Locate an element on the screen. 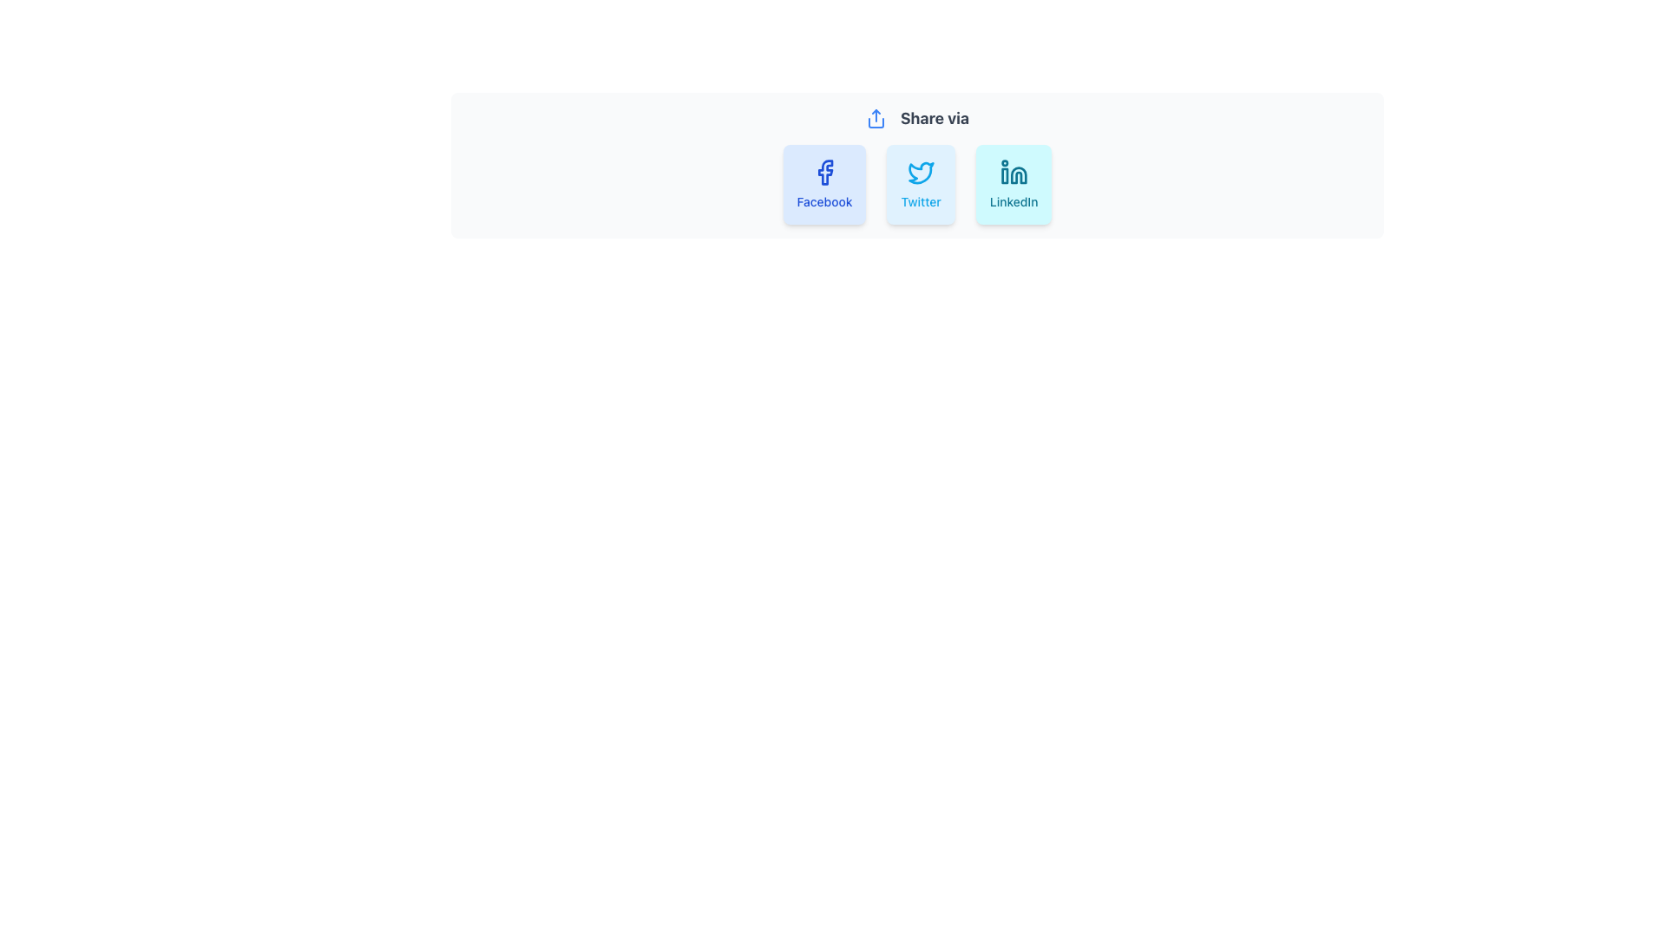 This screenshot has height=937, width=1666. the text label displaying 'LinkedIn' in cyan color, located beneath the LinkedIn icon in the social sharing options is located at coordinates (1013, 200).